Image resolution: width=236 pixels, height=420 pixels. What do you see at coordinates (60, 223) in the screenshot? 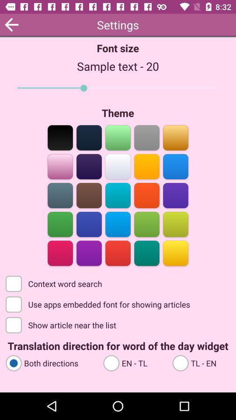
I see `choose green theme` at bounding box center [60, 223].